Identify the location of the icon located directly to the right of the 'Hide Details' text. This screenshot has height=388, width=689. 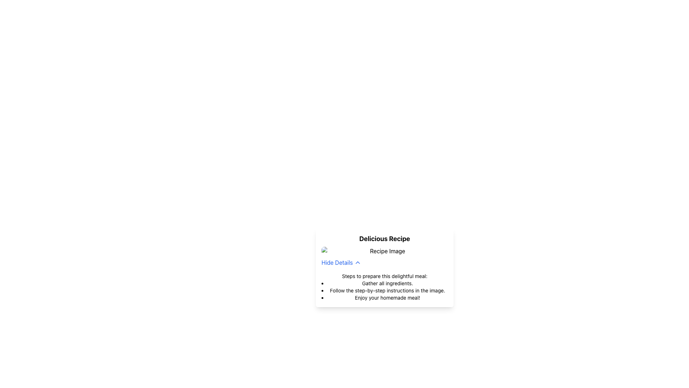
(358, 263).